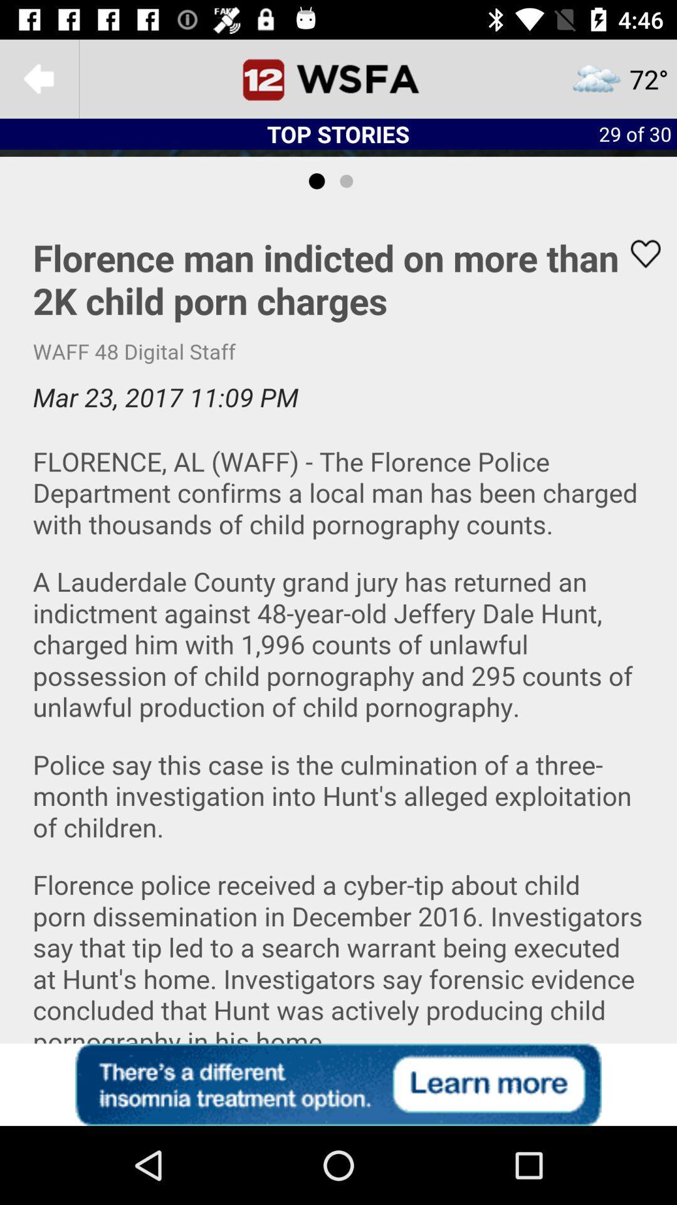 The height and width of the screenshot is (1205, 677). I want to click on the favorite icon, so click(638, 253).